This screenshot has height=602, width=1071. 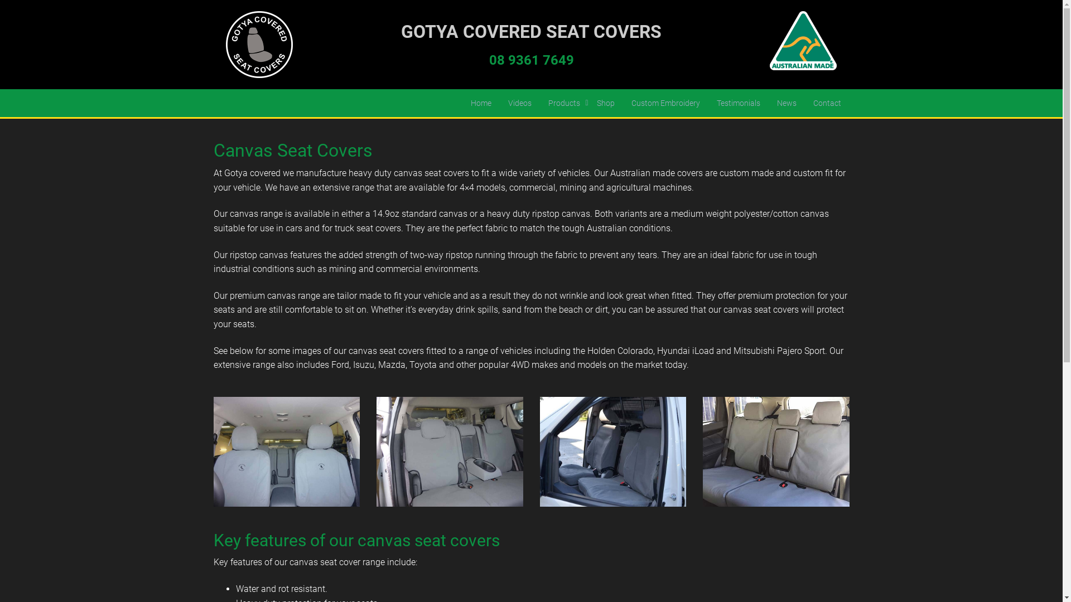 What do you see at coordinates (587, 103) in the screenshot?
I see `'Shop'` at bounding box center [587, 103].